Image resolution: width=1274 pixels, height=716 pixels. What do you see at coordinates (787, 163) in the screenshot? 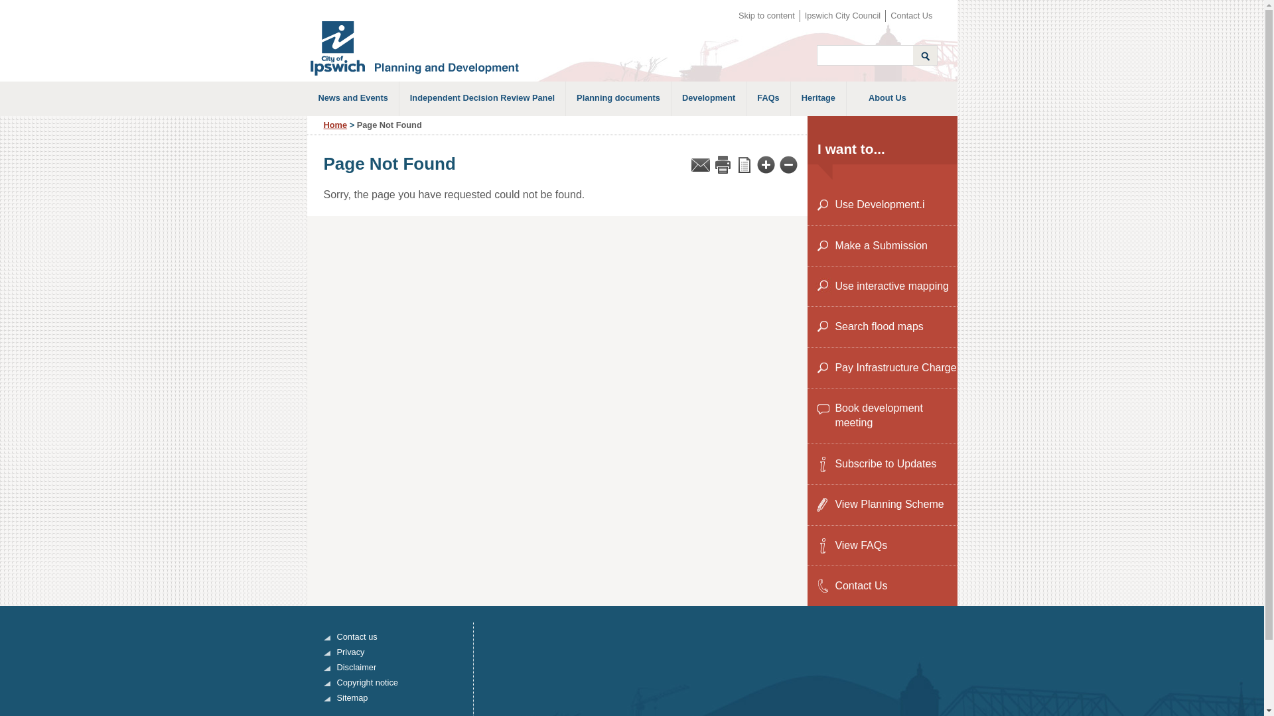
I see `'Decrease font size'` at bounding box center [787, 163].